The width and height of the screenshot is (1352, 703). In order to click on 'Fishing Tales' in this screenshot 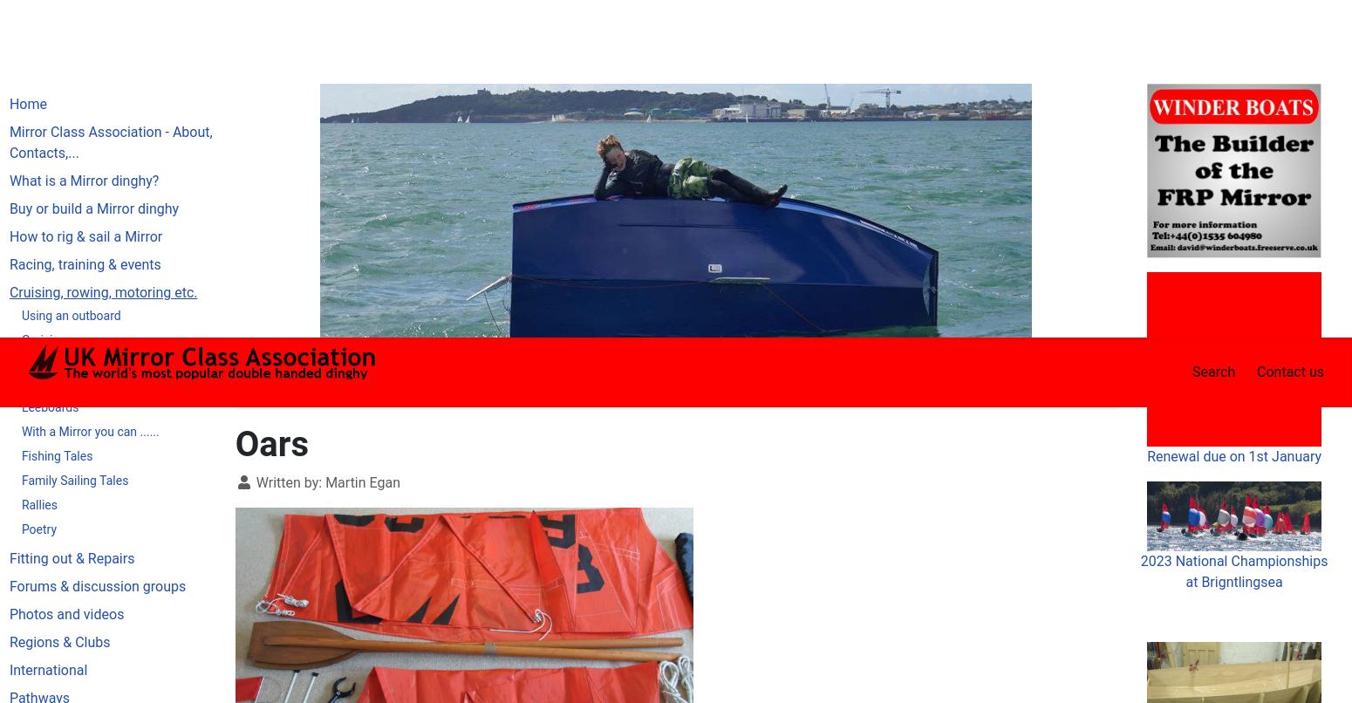, I will do `click(20, 118)`.